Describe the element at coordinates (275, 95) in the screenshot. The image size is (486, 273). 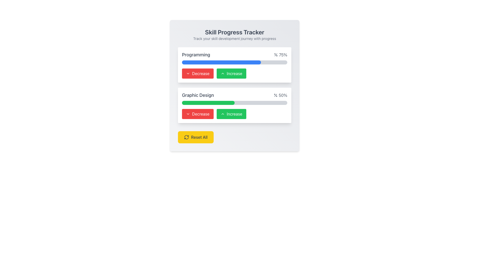
I see `the percentage icon located to the left of the '50%' text in the 'Graphic Design' section, which visually represents a percentage symbol` at that location.